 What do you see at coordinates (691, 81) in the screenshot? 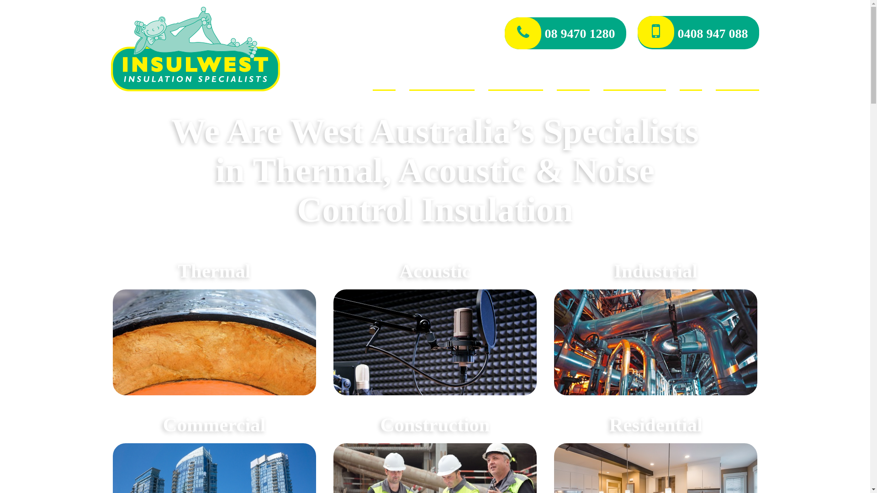
I see `'FAQS'` at bounding box center [691, 81].